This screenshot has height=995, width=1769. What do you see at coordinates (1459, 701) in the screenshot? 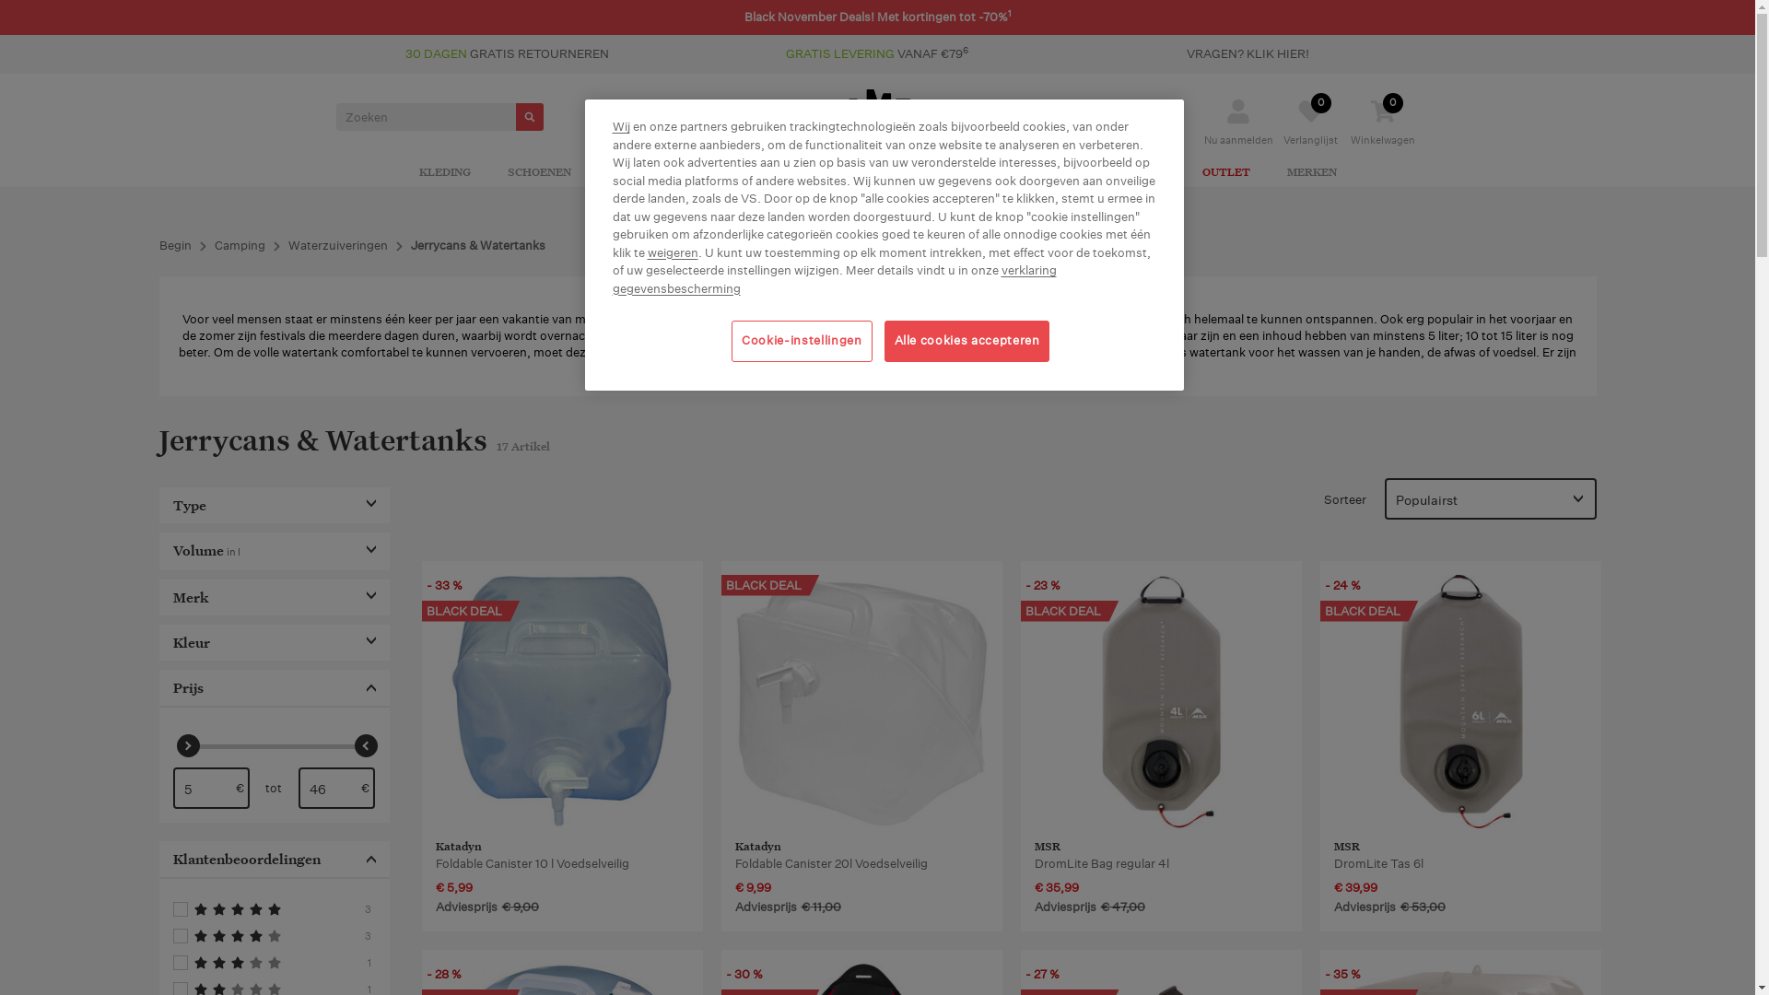
I see `'MSR DromLite Tas 6l '` at bounding box center [1459, 701].